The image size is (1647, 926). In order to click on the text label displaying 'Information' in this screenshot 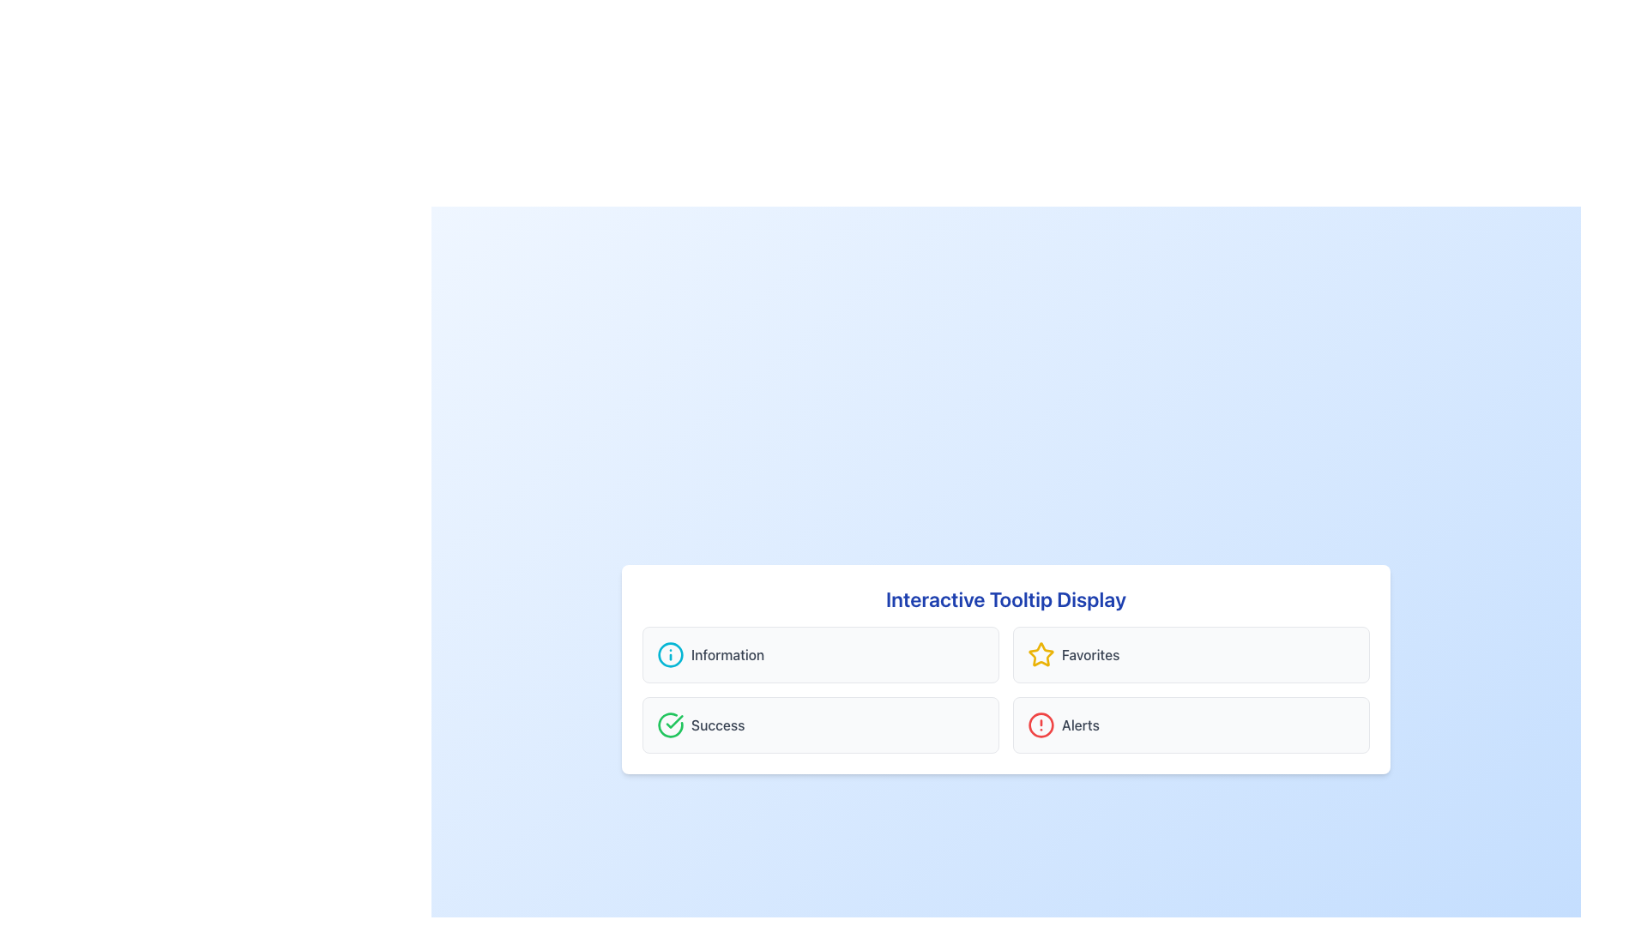, I will do `click(727, 654)`.